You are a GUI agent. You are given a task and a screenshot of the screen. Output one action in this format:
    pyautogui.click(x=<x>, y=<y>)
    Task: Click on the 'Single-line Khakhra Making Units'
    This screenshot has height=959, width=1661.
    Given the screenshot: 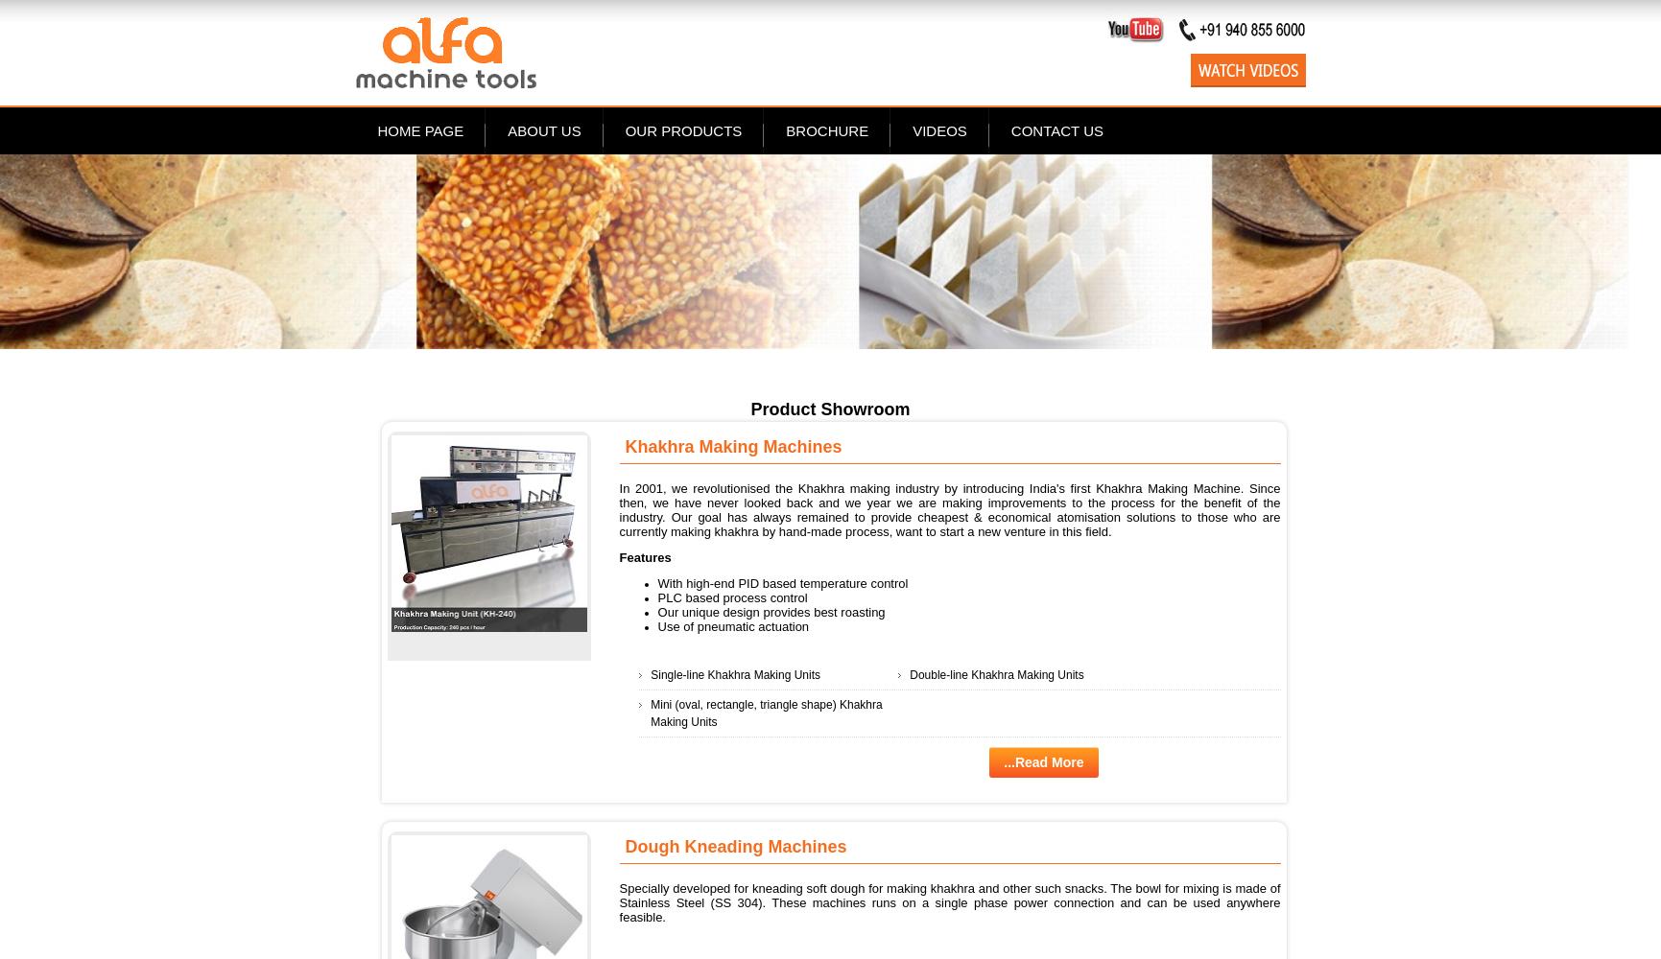 What is the action you would take?
    pyautogui.click(x=735, y=673)
    